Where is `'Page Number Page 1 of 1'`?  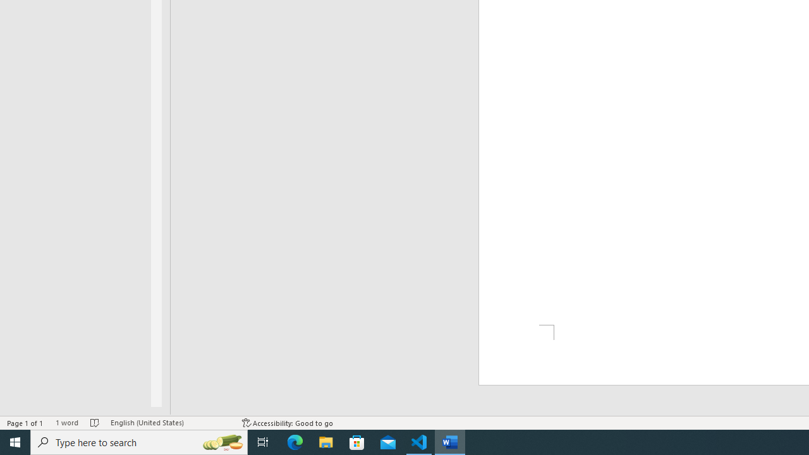 'Page Number Page 1 of 1' is located at coordinates (25, 423).